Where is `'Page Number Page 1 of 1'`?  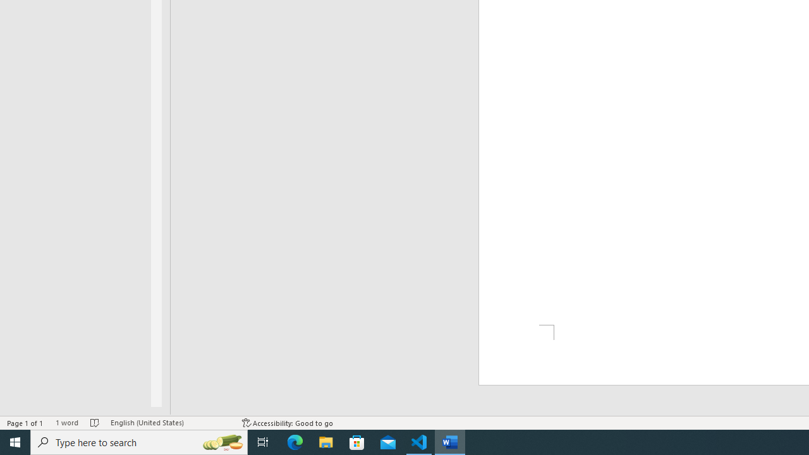 'Page Number Page 1 of 1' is located at coordinates (25, 423).